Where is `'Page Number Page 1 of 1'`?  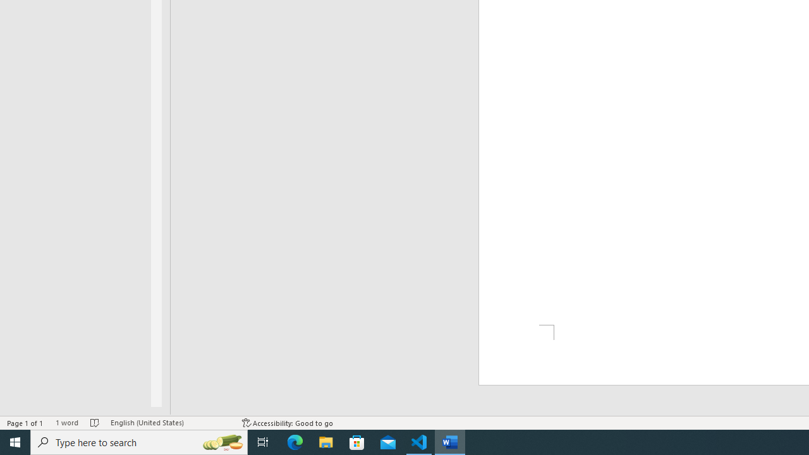 'Page Number Page 1 of 1' is located at coordinates (25, 423).